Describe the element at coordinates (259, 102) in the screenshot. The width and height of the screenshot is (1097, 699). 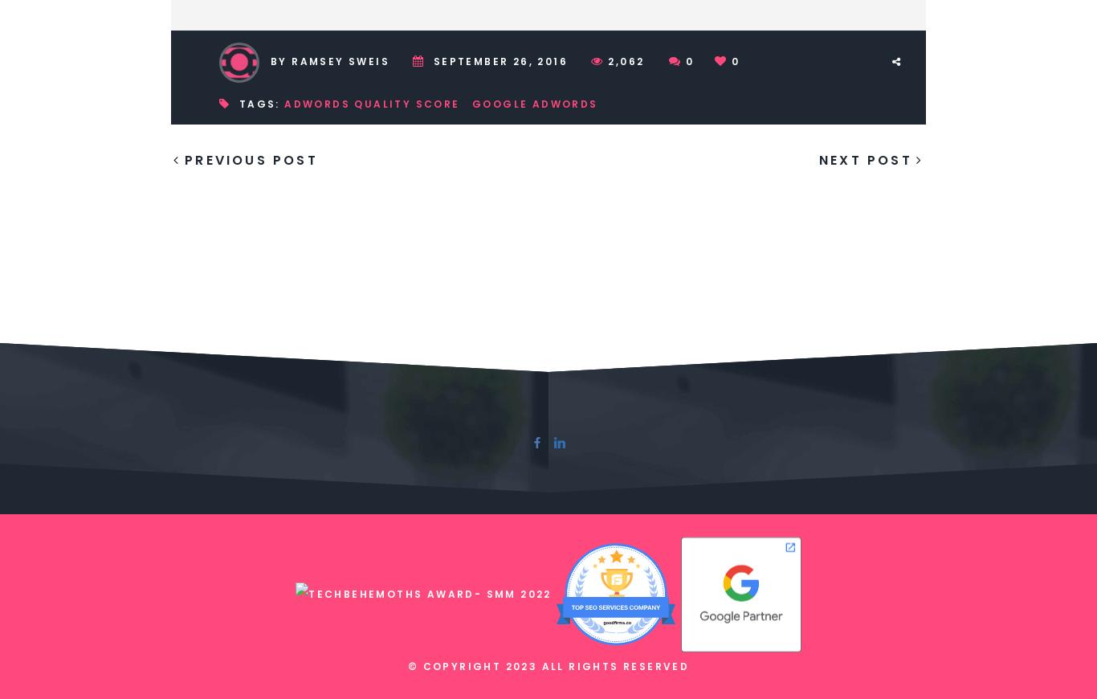
I see `'Tags:'` at that location.